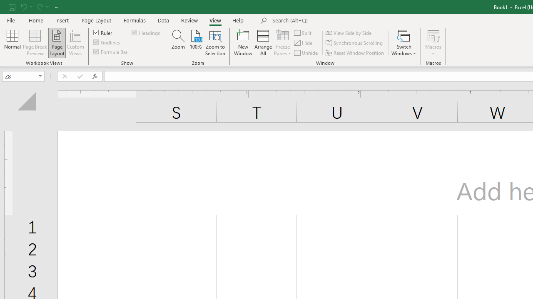 Image resolution: width=533 pixels, height=299 pixels. What do you see at coordinates (215, 43) in the screenshot?
I see `'Zoom to Selection'` at bounding box center [215, 43].